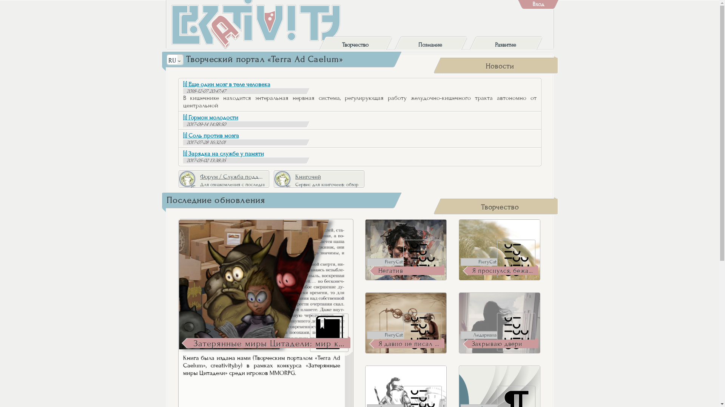  What do you see at coordinates (367, 334) in the screenshot?
I see `'FieryCat'` at bounding box center [367, 334].